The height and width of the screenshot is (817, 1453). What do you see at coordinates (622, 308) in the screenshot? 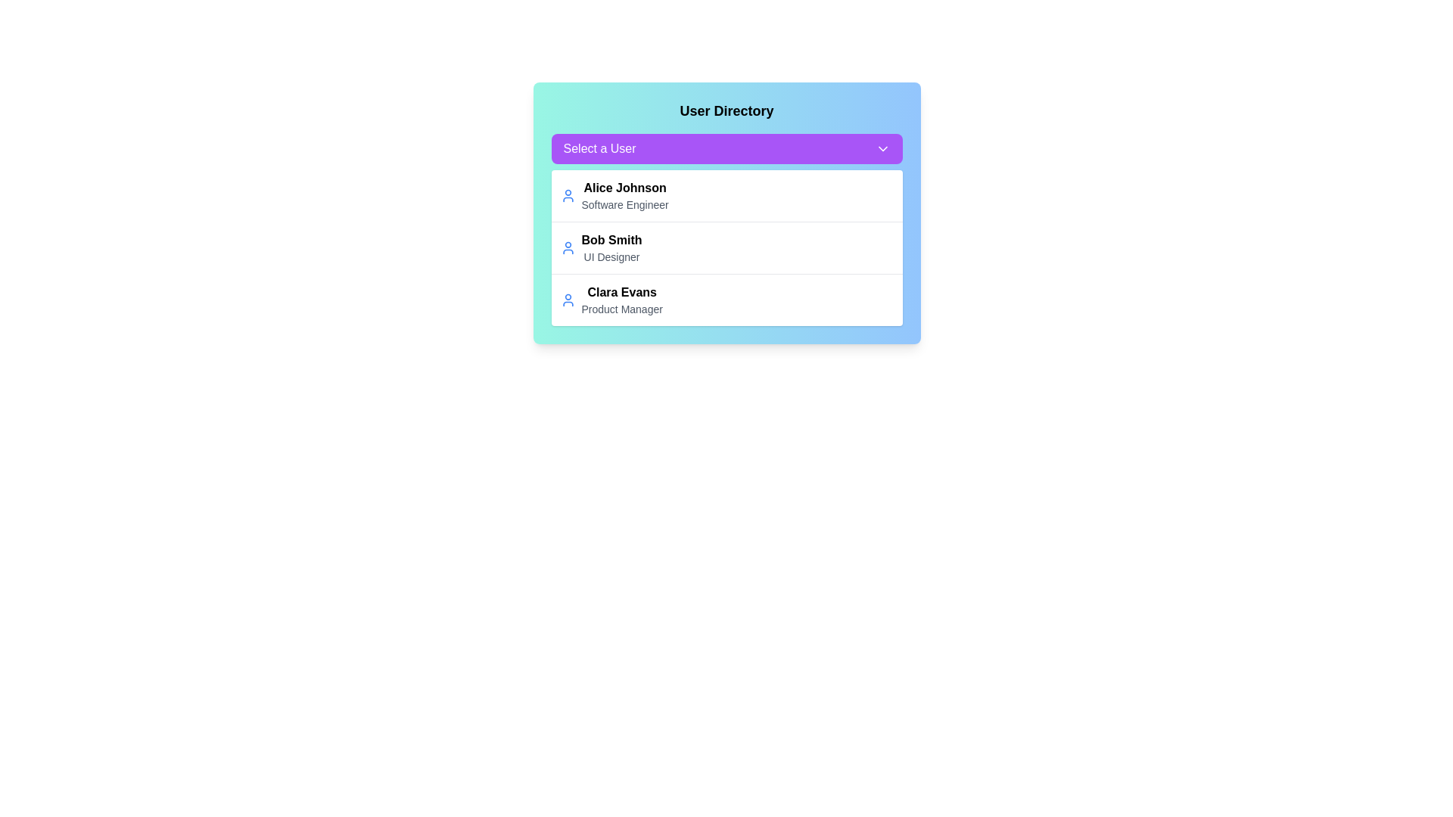
I see `the text label displaying 'Product Manager', which is located beneath 'Clara Evans' in the User Directory list` at bounding box center [622, 308].